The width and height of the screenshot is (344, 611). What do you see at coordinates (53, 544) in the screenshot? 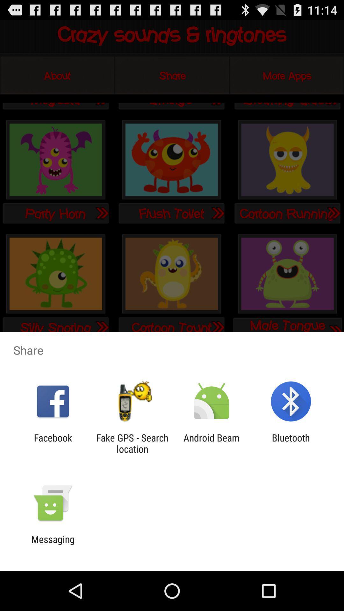
I see `messaging` at bounding box center [53, 544].